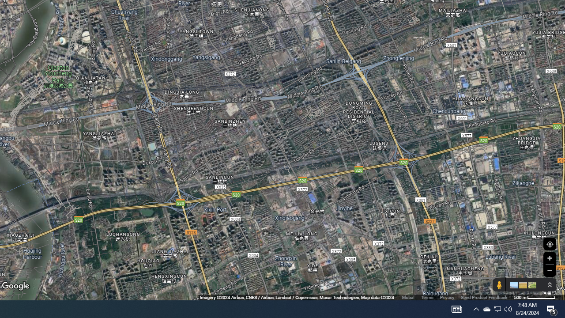 The width and height of the screenshot is (565, 318). What do you see at coordinates (549, 270) in the screenshot?
I see `'Zoom out'` at bounding box center [549, 270].